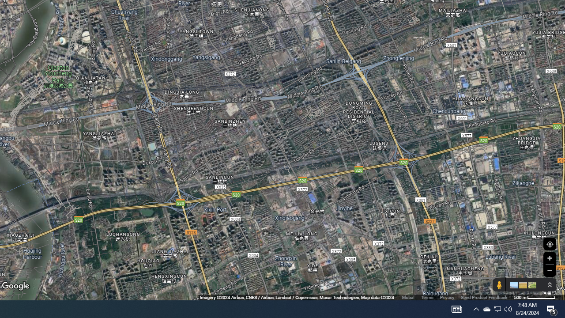 The width and height of the screenshot is (565, 318). What do you see at coordinates (549, 270) in the screenshot?
I see `'Zoom out'` at bounding box center [549, 270].